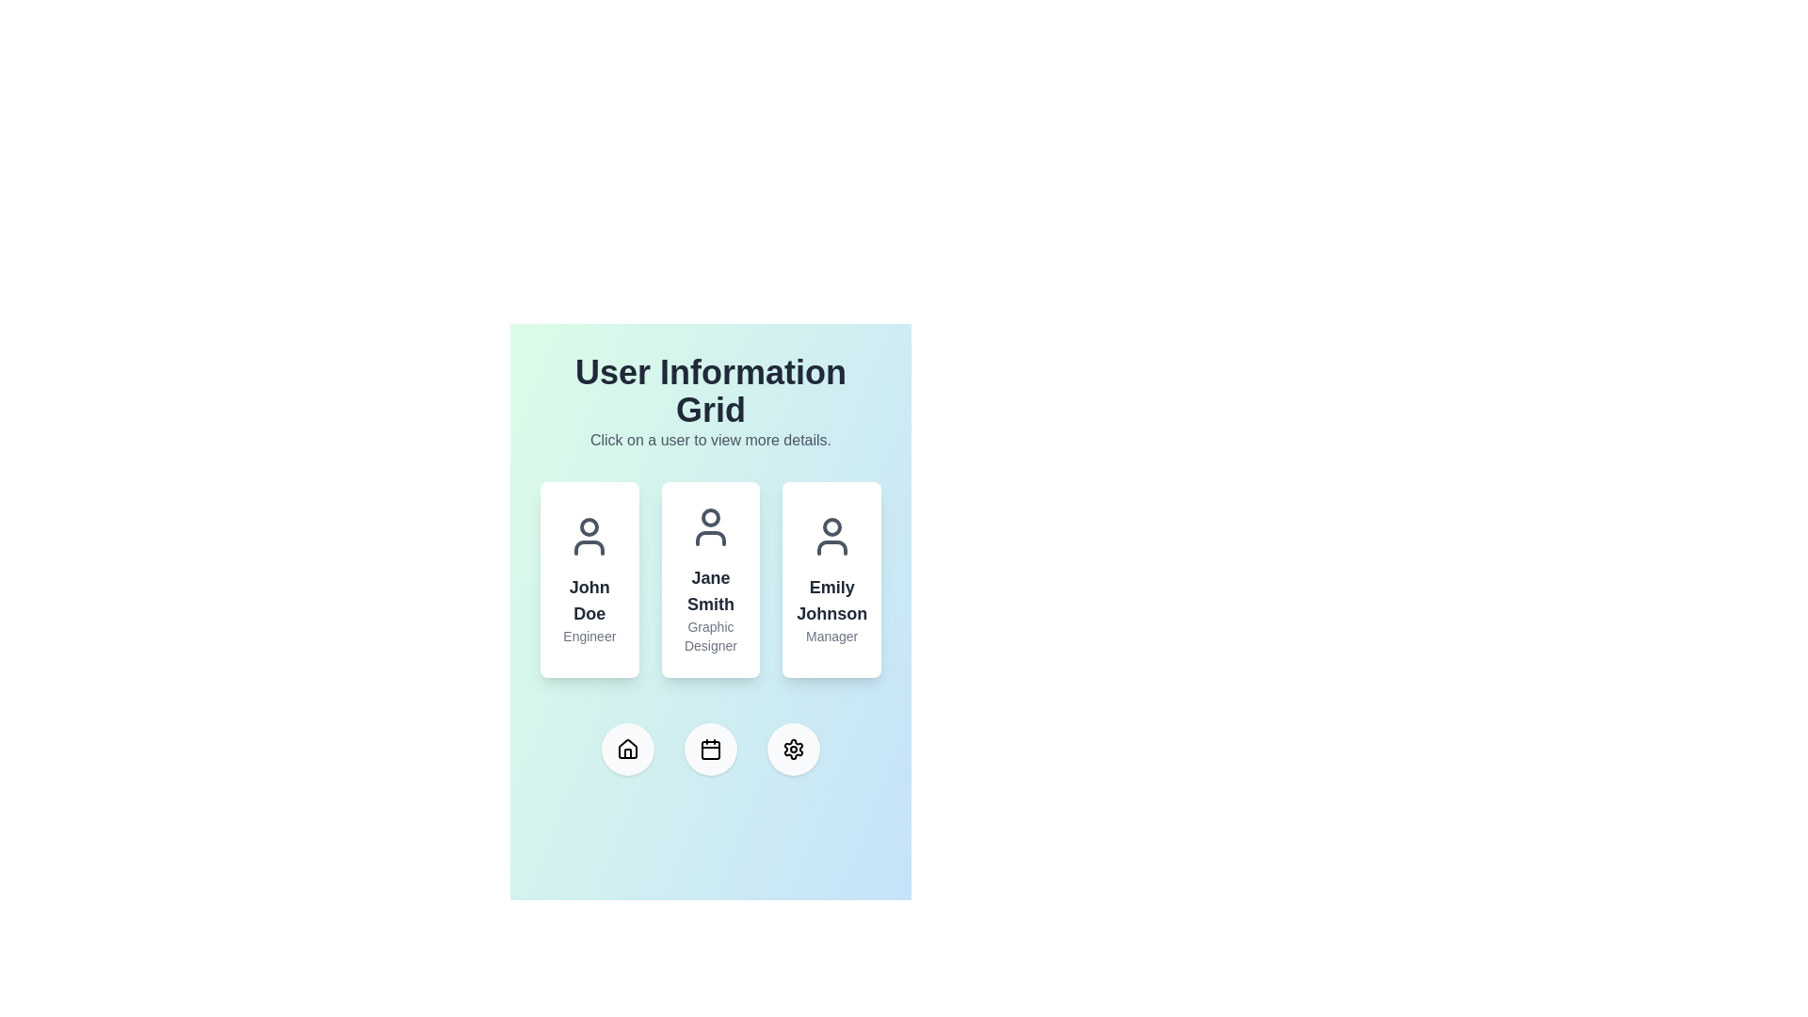  Describe the element at coordinates (709, 748) in the screenshot. I see `the middle button in the bottom center of the interface` at that location.